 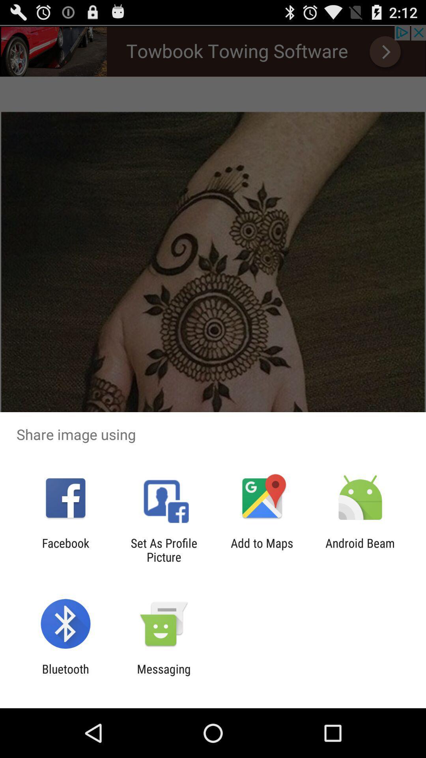 What do you see at coordinates (163, 675) in the screenshot?
I see `the messaging icon` at bounding box center [163, 675].